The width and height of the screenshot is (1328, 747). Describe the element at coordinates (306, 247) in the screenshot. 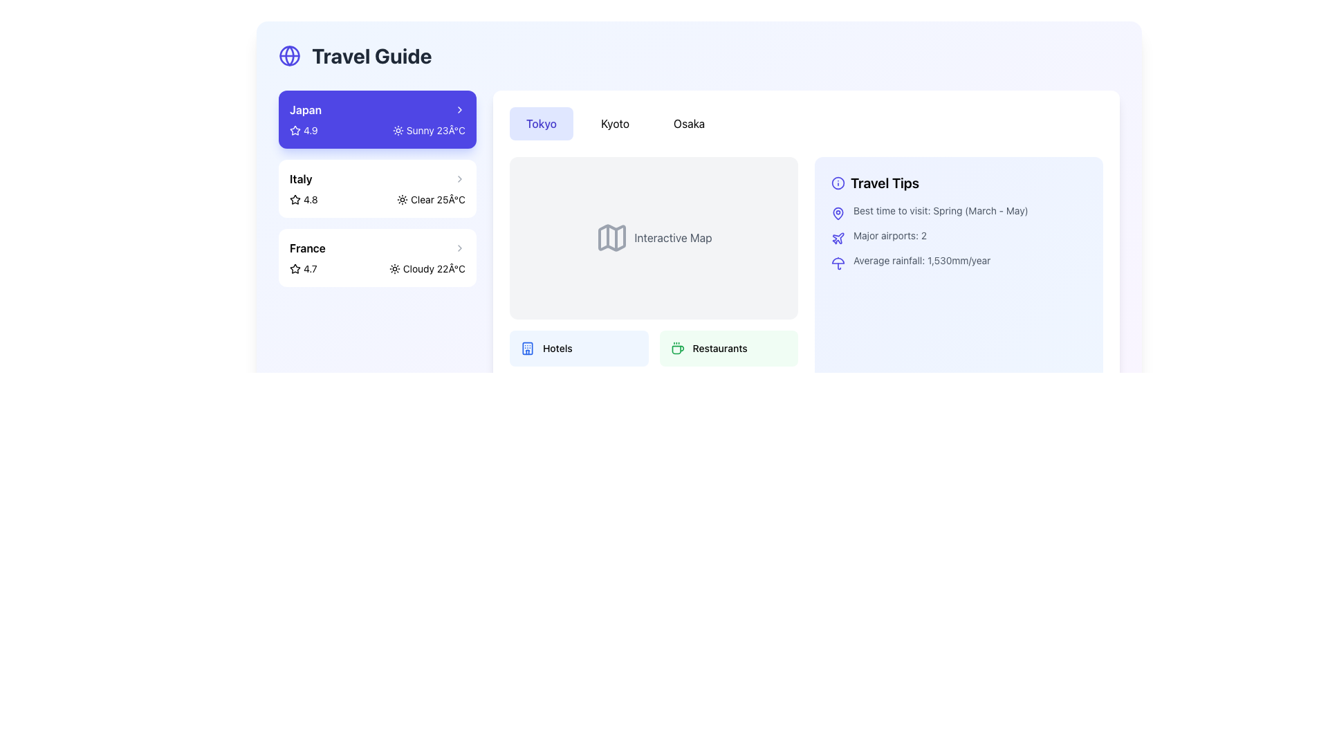

I see `the 'France' text label in the Travel Guide navigation panel` at that location.